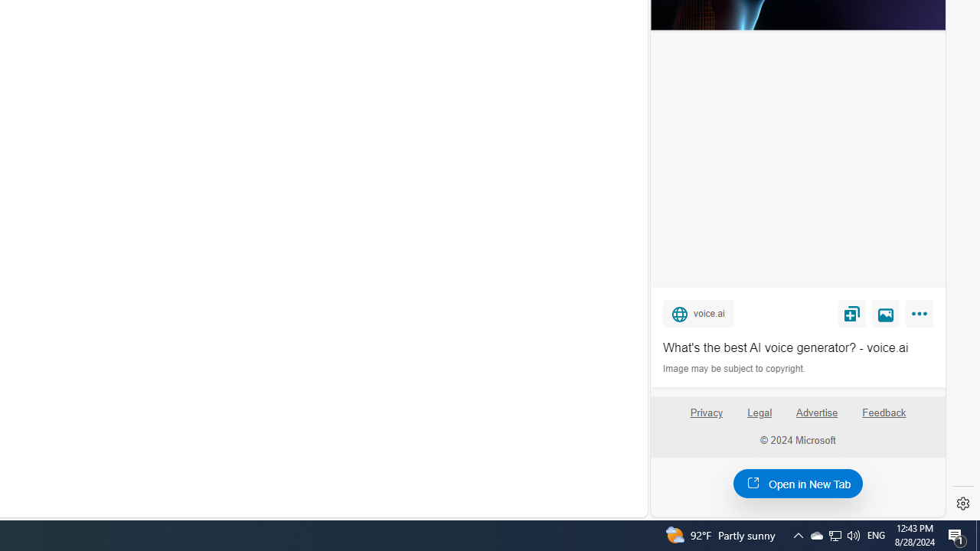 Image resolution: width=980 pixels, height=551 pixels. Describe the element at coordinates (886, 312) in the screenshot. I see `'View image'` at that location.